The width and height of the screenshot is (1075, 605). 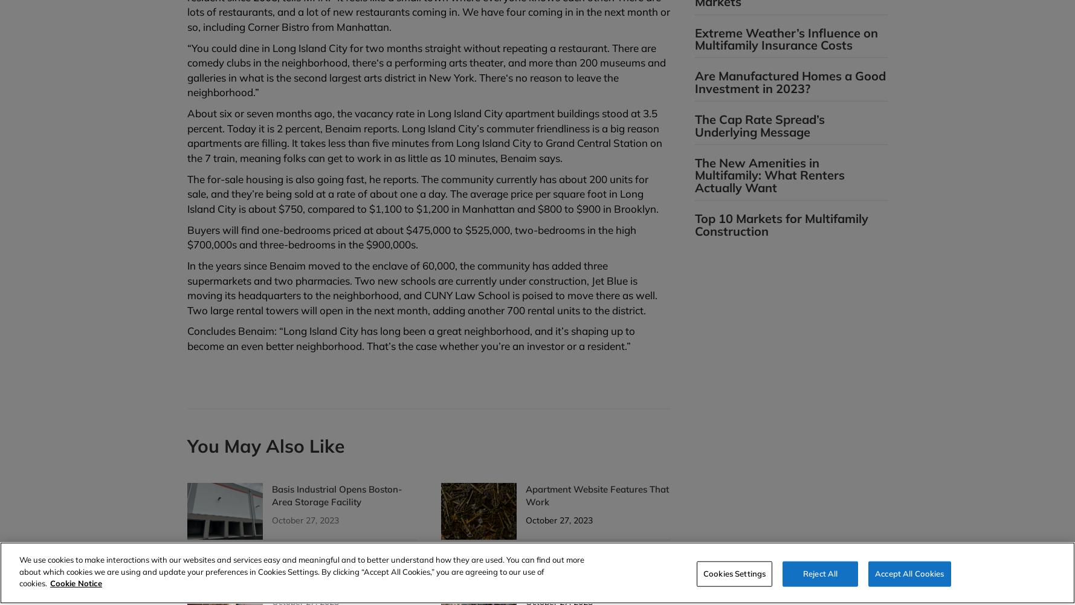 What do you see at coordinates (759, 125) in the screenshot?
I see `'The Cap Rate Spread’s Underlying Message'` at bounding box center [759, 125].